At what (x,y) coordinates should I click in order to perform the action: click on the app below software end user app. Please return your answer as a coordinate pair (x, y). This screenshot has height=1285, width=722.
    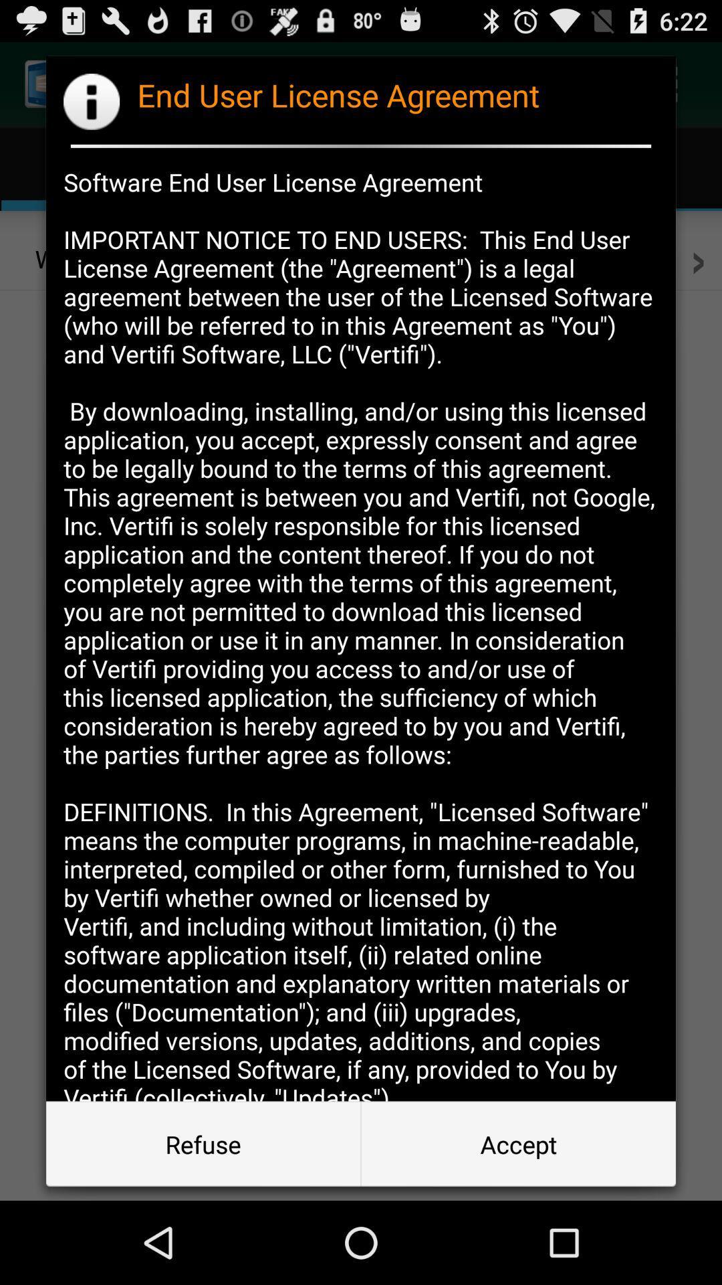
    Looking at the image, I should click on (517, 1143).